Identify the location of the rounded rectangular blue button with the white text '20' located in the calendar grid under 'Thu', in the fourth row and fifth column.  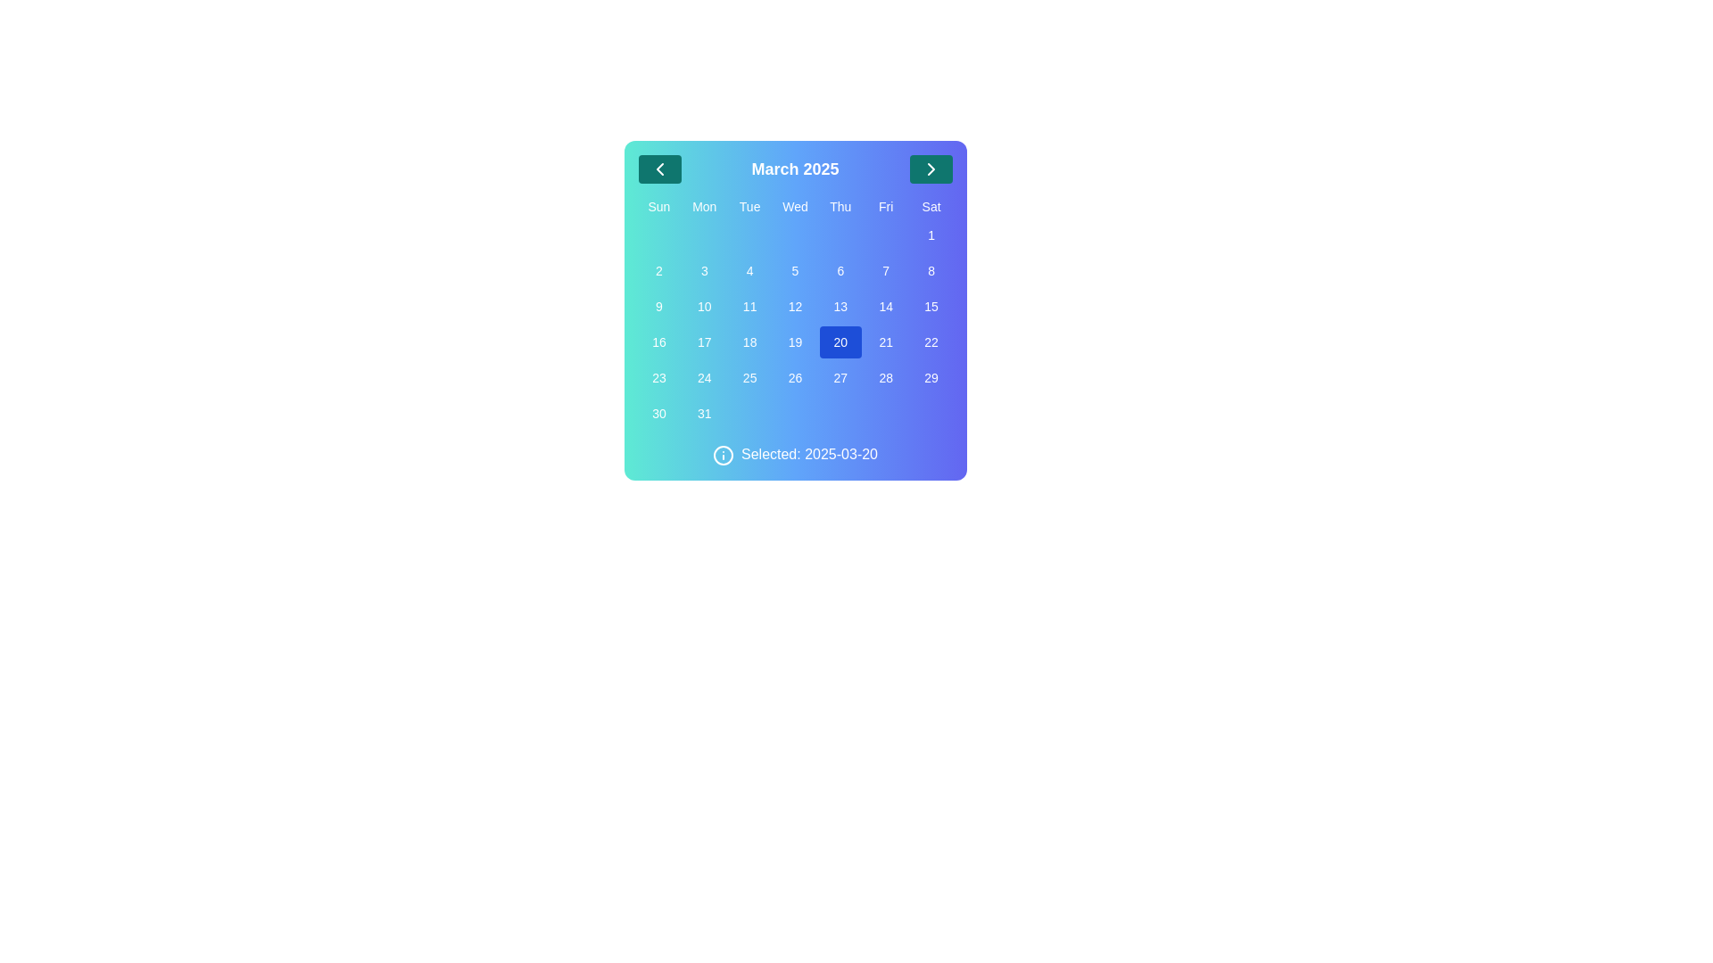
(840, 342).